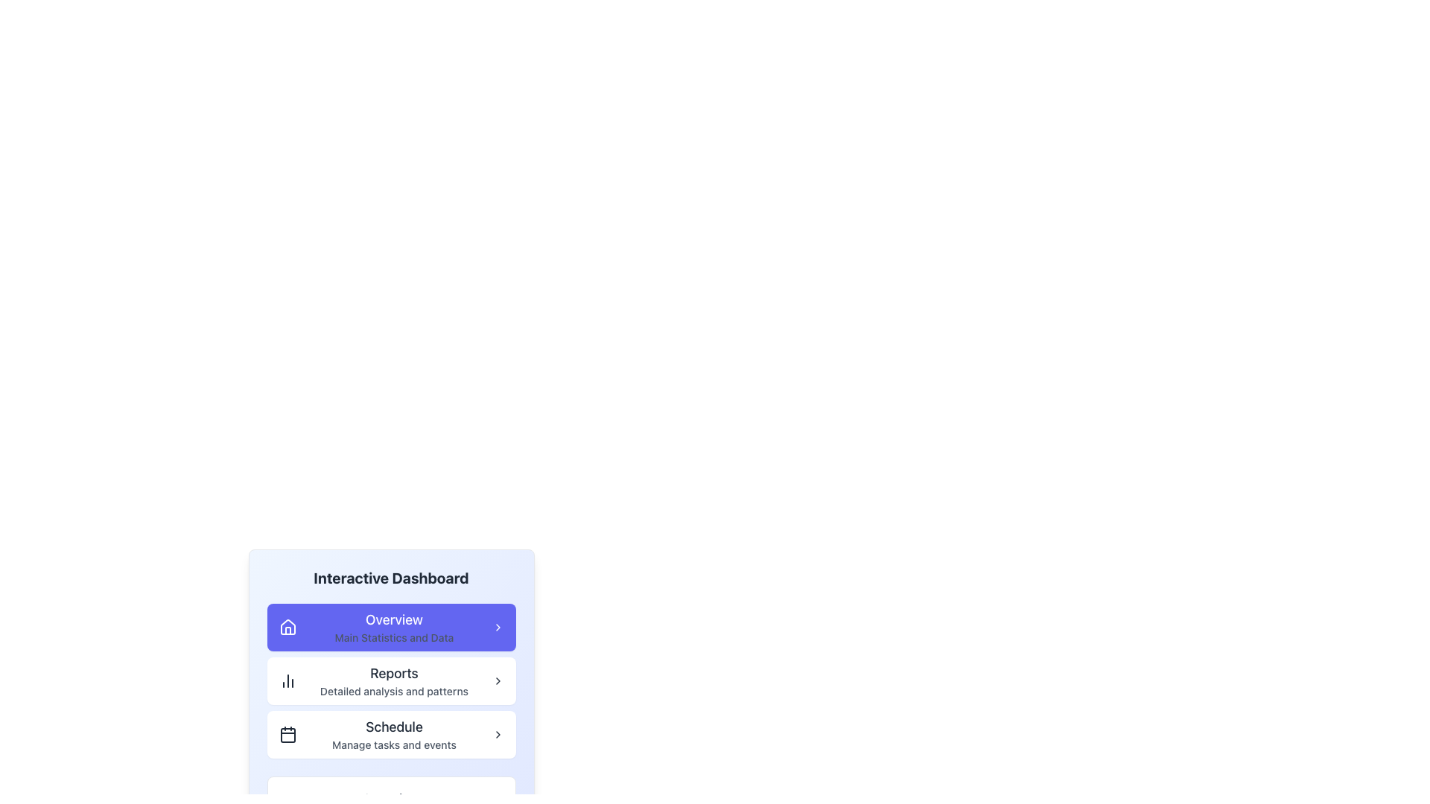 The image size is (1430, 804). Describe the element at coordinates (287, 631) in the screenshot. I see `the door element of the house icon located in the Overview section's button by moving the cursor to its center point` at that location.